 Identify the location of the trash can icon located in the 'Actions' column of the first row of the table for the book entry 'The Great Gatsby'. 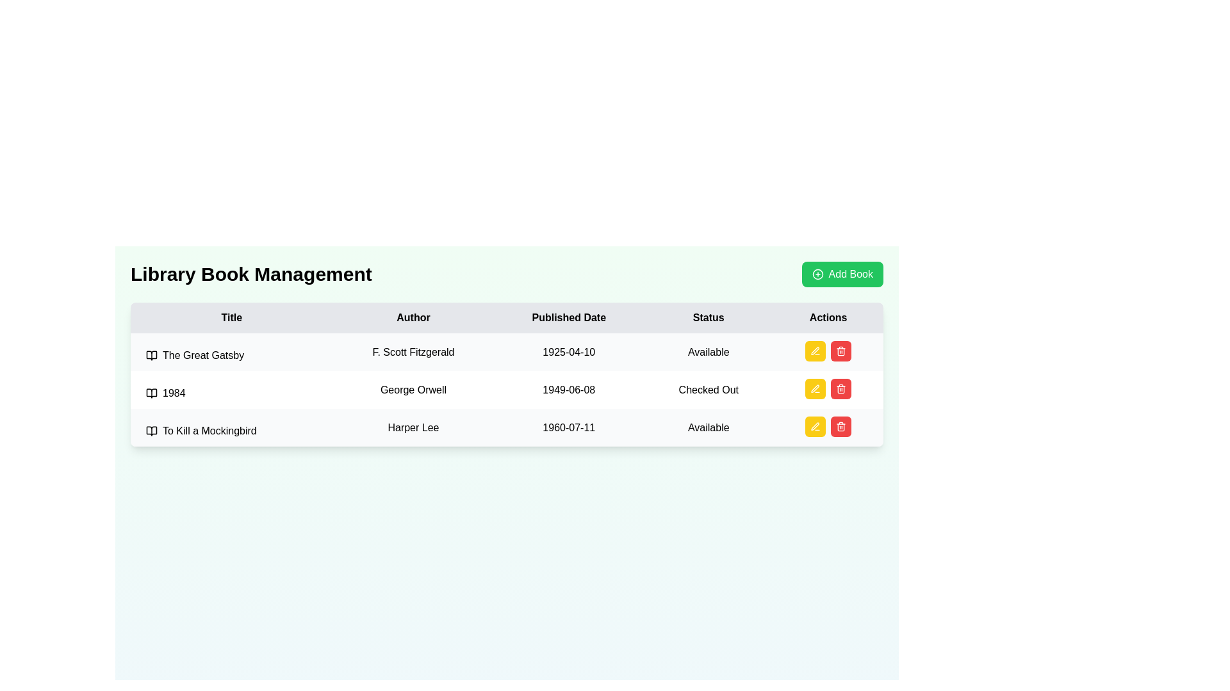
(828, 351).